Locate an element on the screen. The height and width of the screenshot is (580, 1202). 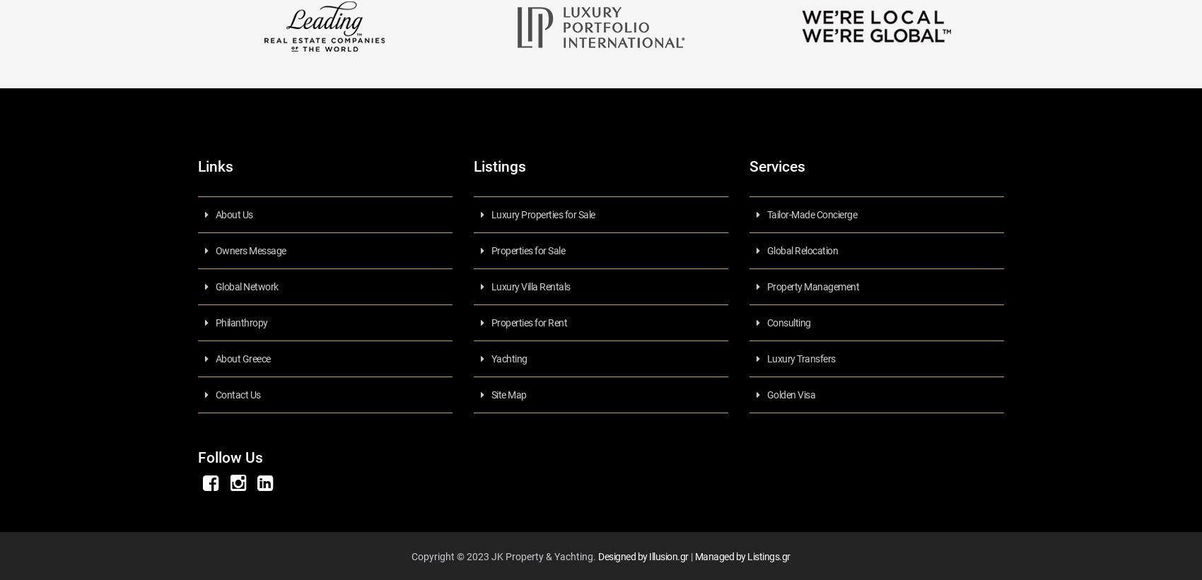
'Follow Us' is located at coordinates (230, 456).